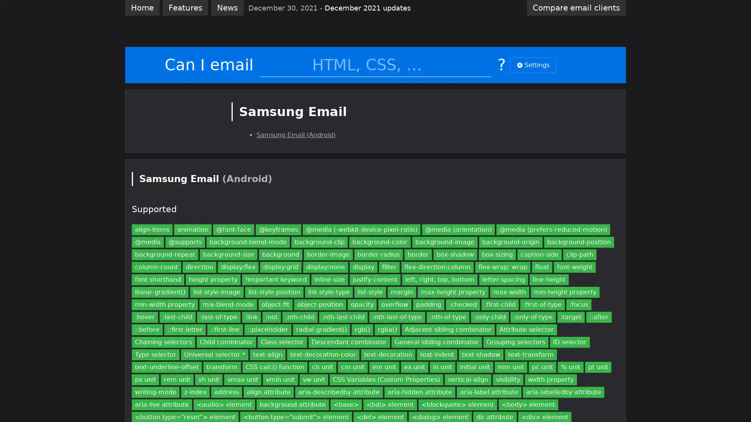 Image resolution: width=751 pixels, height=422 pixels. I want to click on Settings, so click(533, 64).